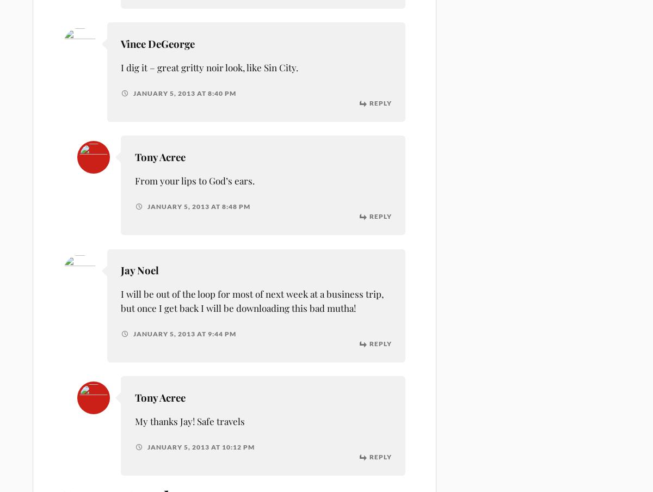 The width and height of the screenshot is (653, 492). I want to click on 'From your lips to God’s ears.', so click(194, 180).